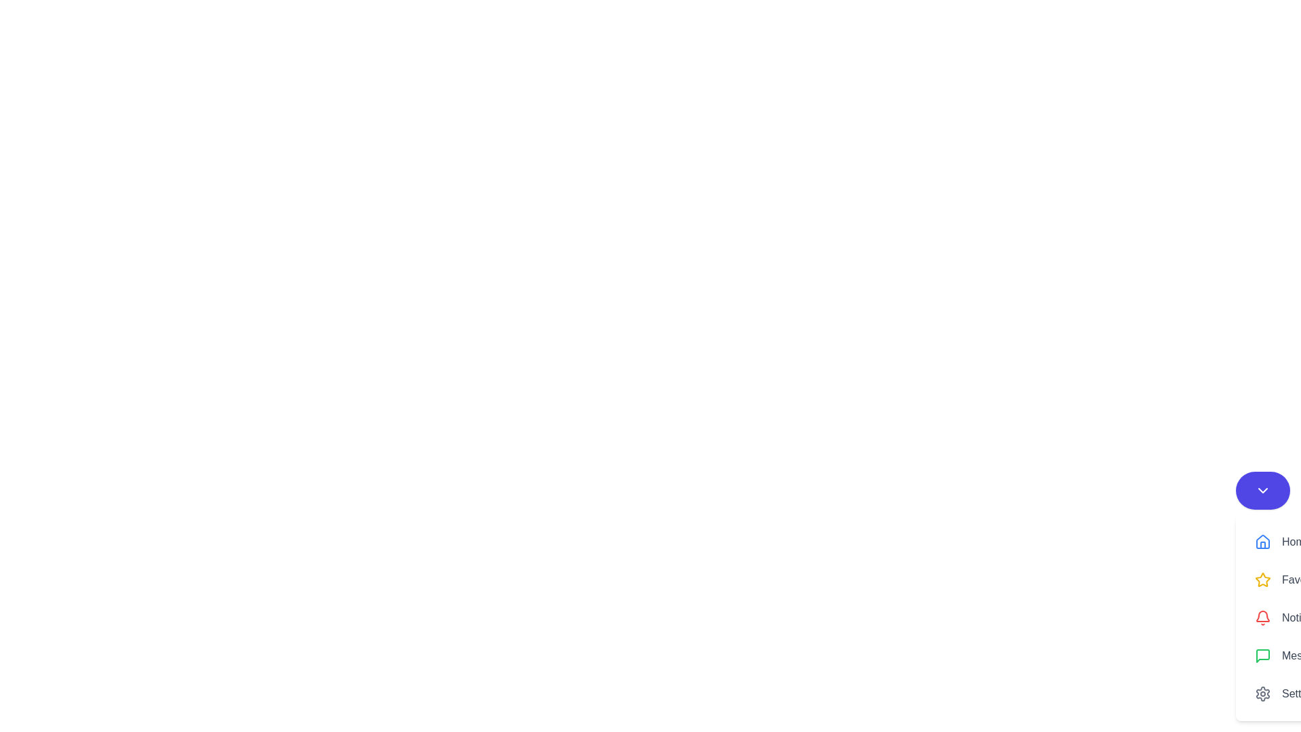 The width and height of the screenshot is (1301, 732). Describe the element at coordinates (1262, 655) in the screenshot. I see `the green chat message bubble icon located in the vertical menu on the right side of the interface` at that location.